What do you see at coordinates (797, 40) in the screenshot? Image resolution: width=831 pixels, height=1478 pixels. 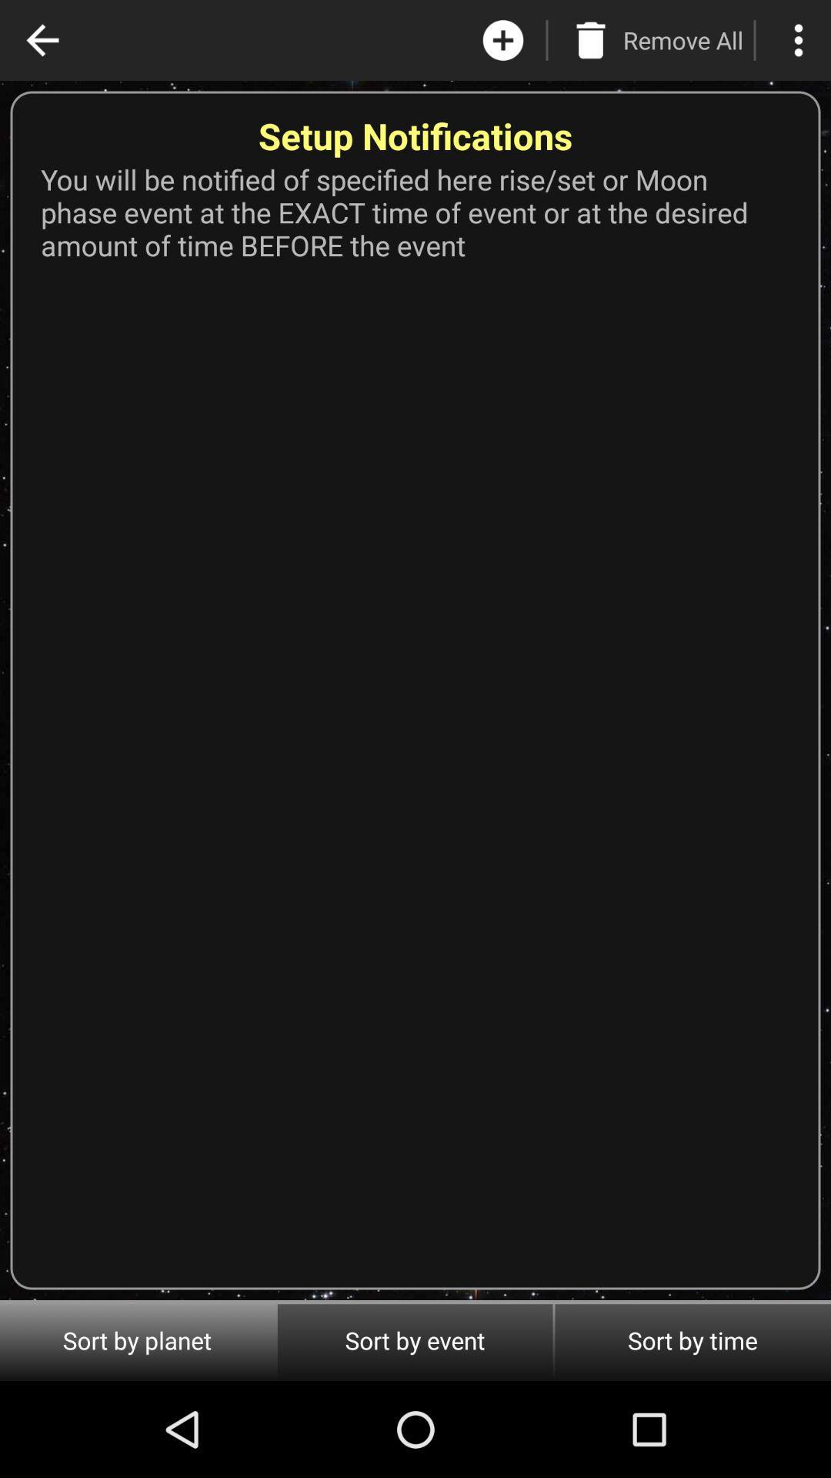 I see `see the menu` at bounding box center [797, 40].